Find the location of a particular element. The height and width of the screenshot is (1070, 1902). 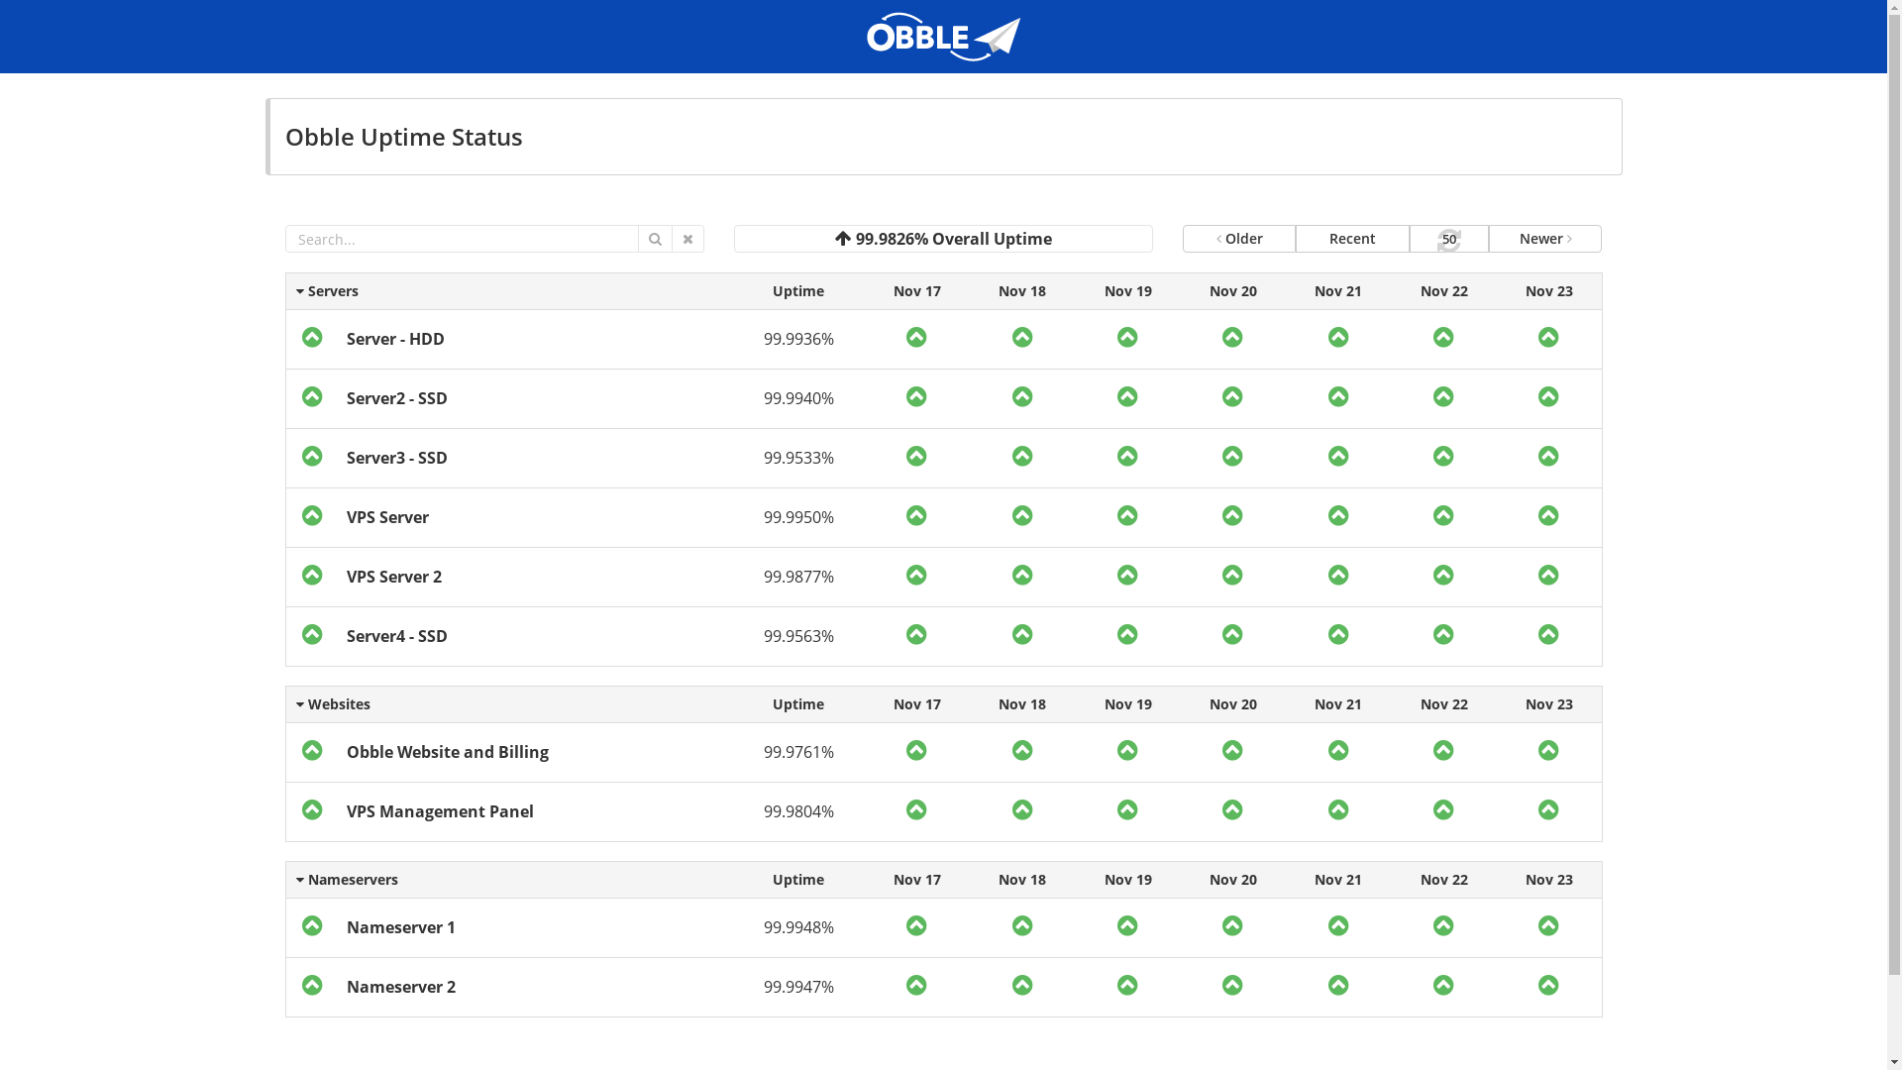

'Server3 - SSD' is located at coordinates (396, 458).